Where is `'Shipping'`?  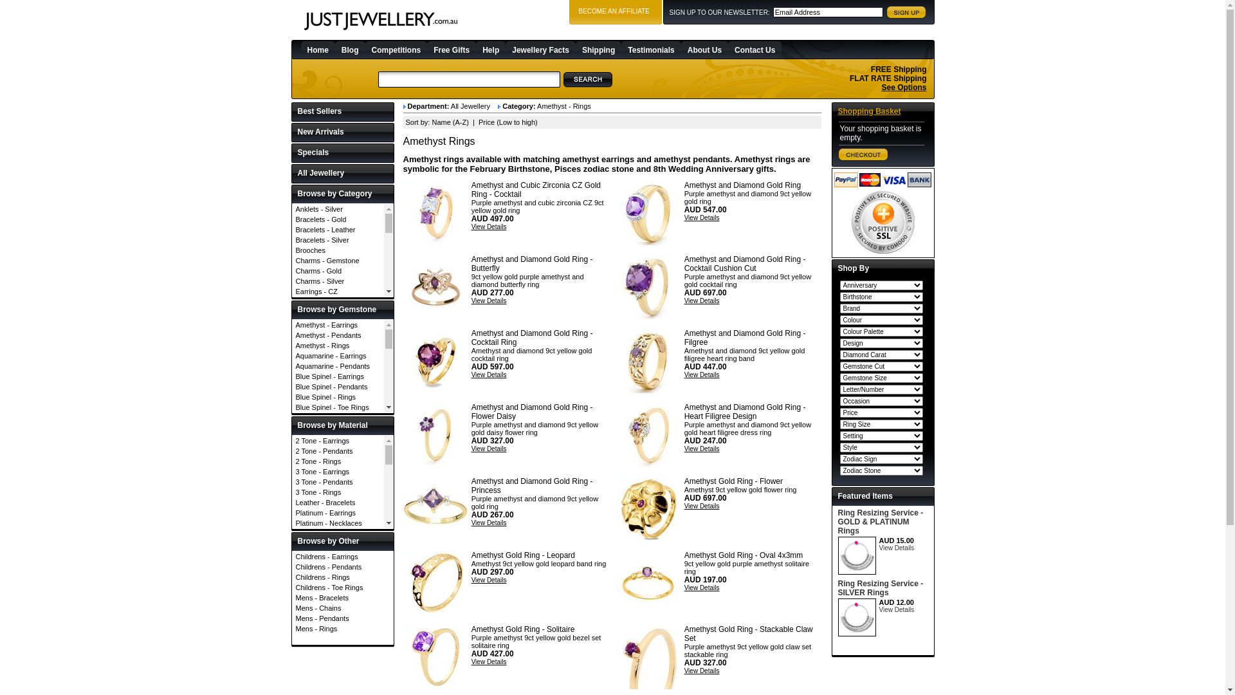 'Shipping' is located at coordinates (598, 49).